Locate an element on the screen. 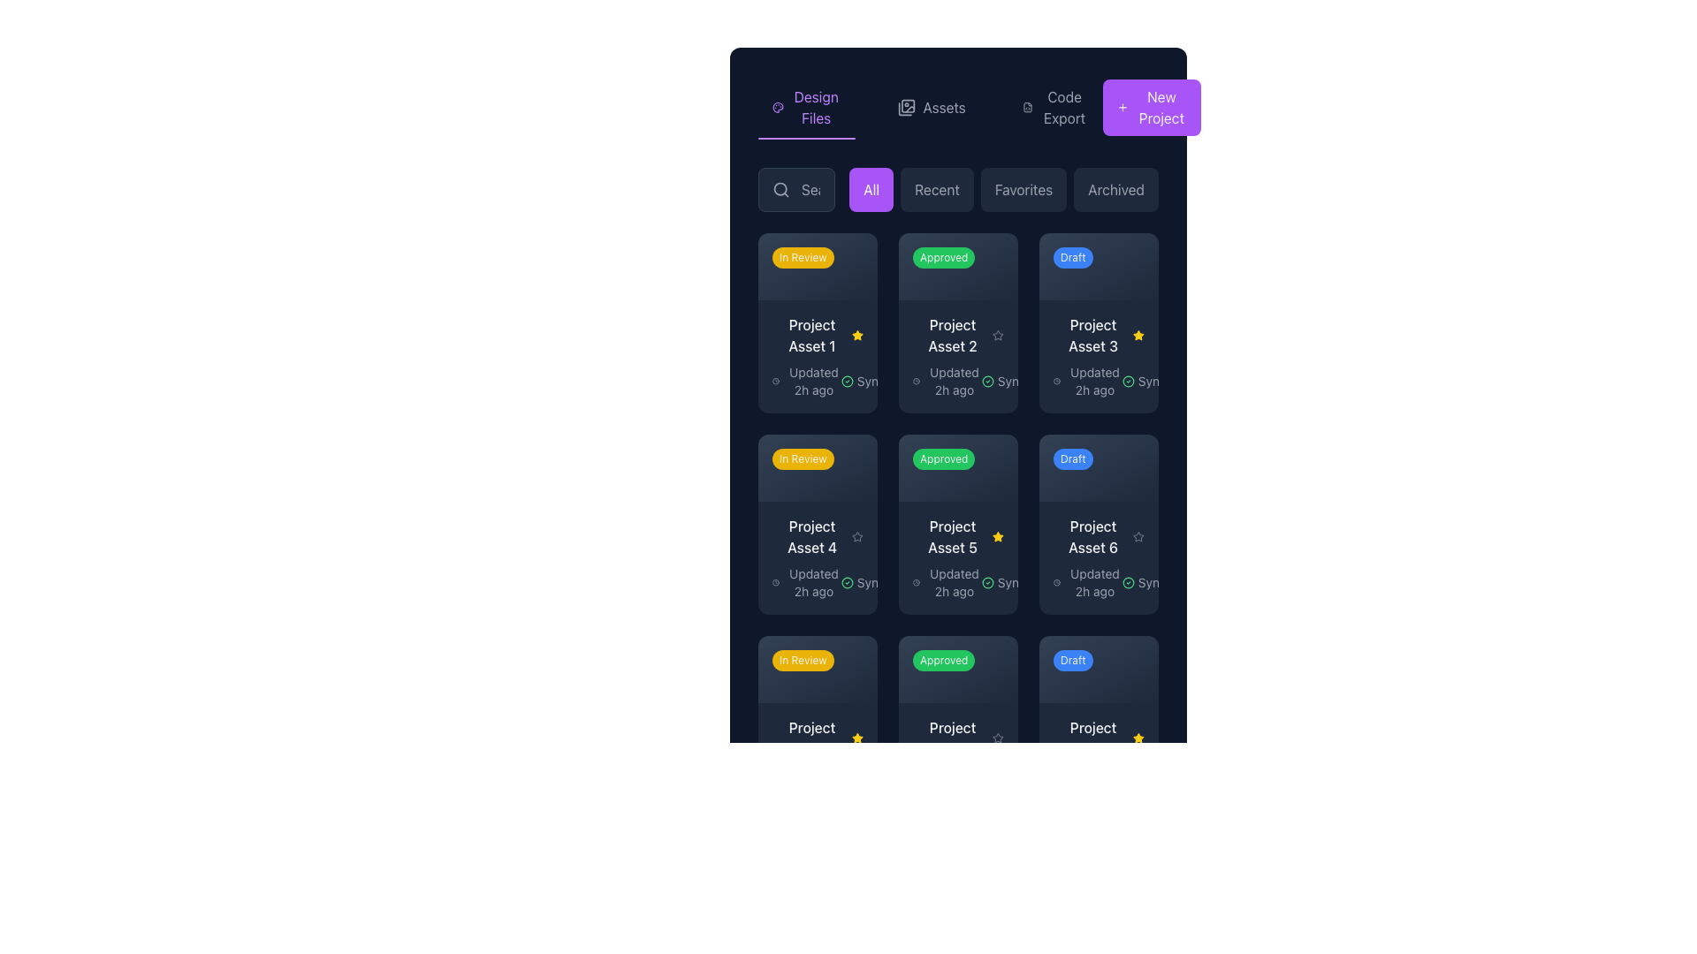  the navigational button located in the center of the horizontal navigation bar, positioned between 'Design Files' and 'Code Export' is located at coordinates (931, 108).